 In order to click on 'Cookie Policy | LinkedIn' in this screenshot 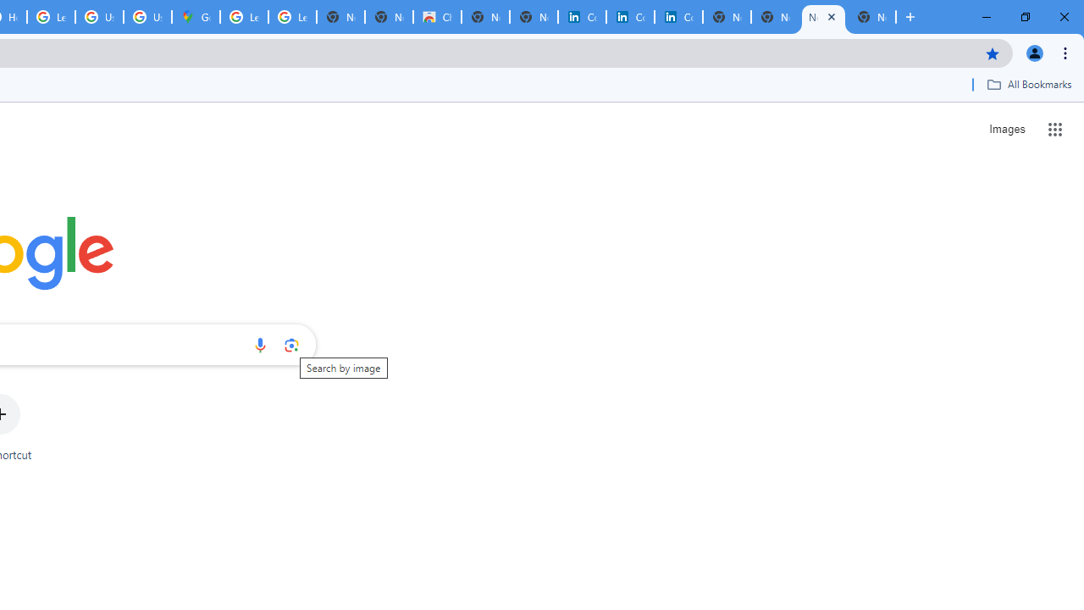, I will do `click(629, 17)`.